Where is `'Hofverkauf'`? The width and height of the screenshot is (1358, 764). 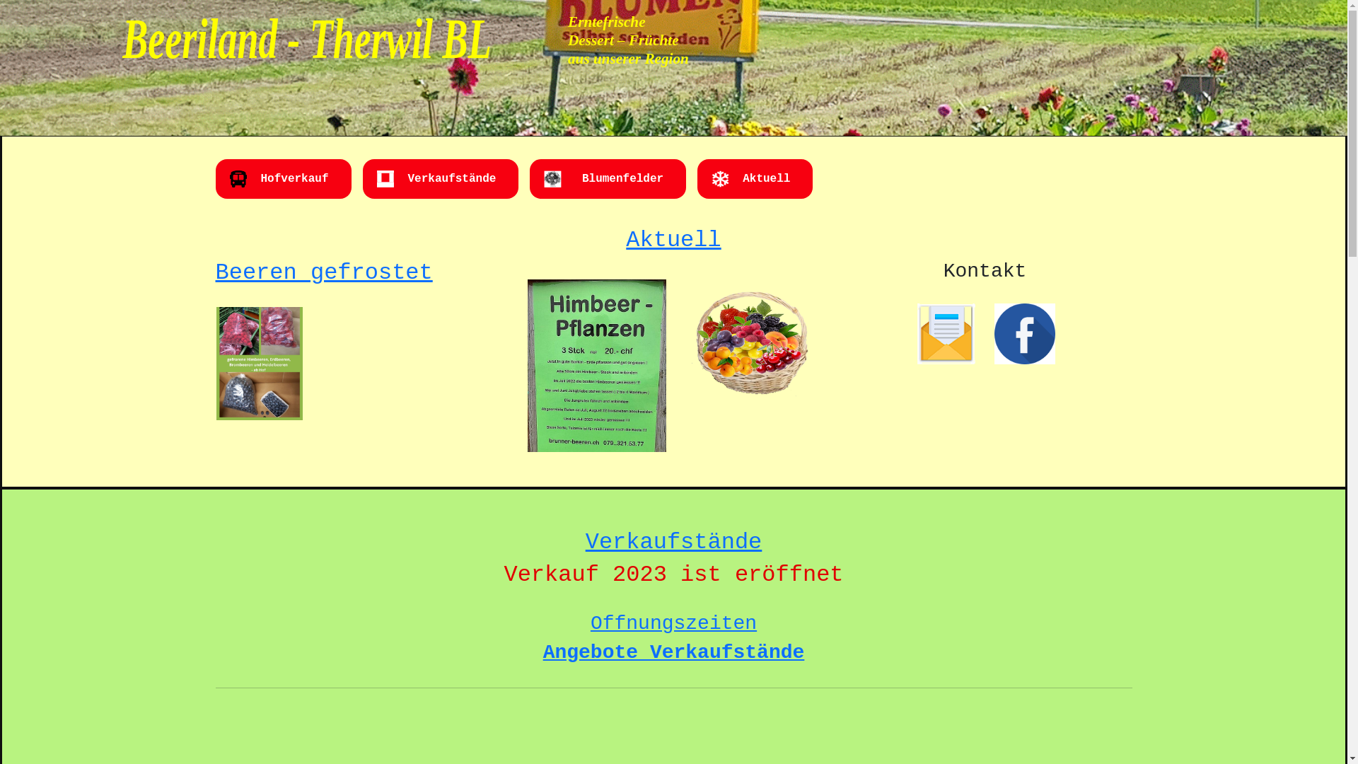 'Hofverkauf' is located at coordinates (294, 178).